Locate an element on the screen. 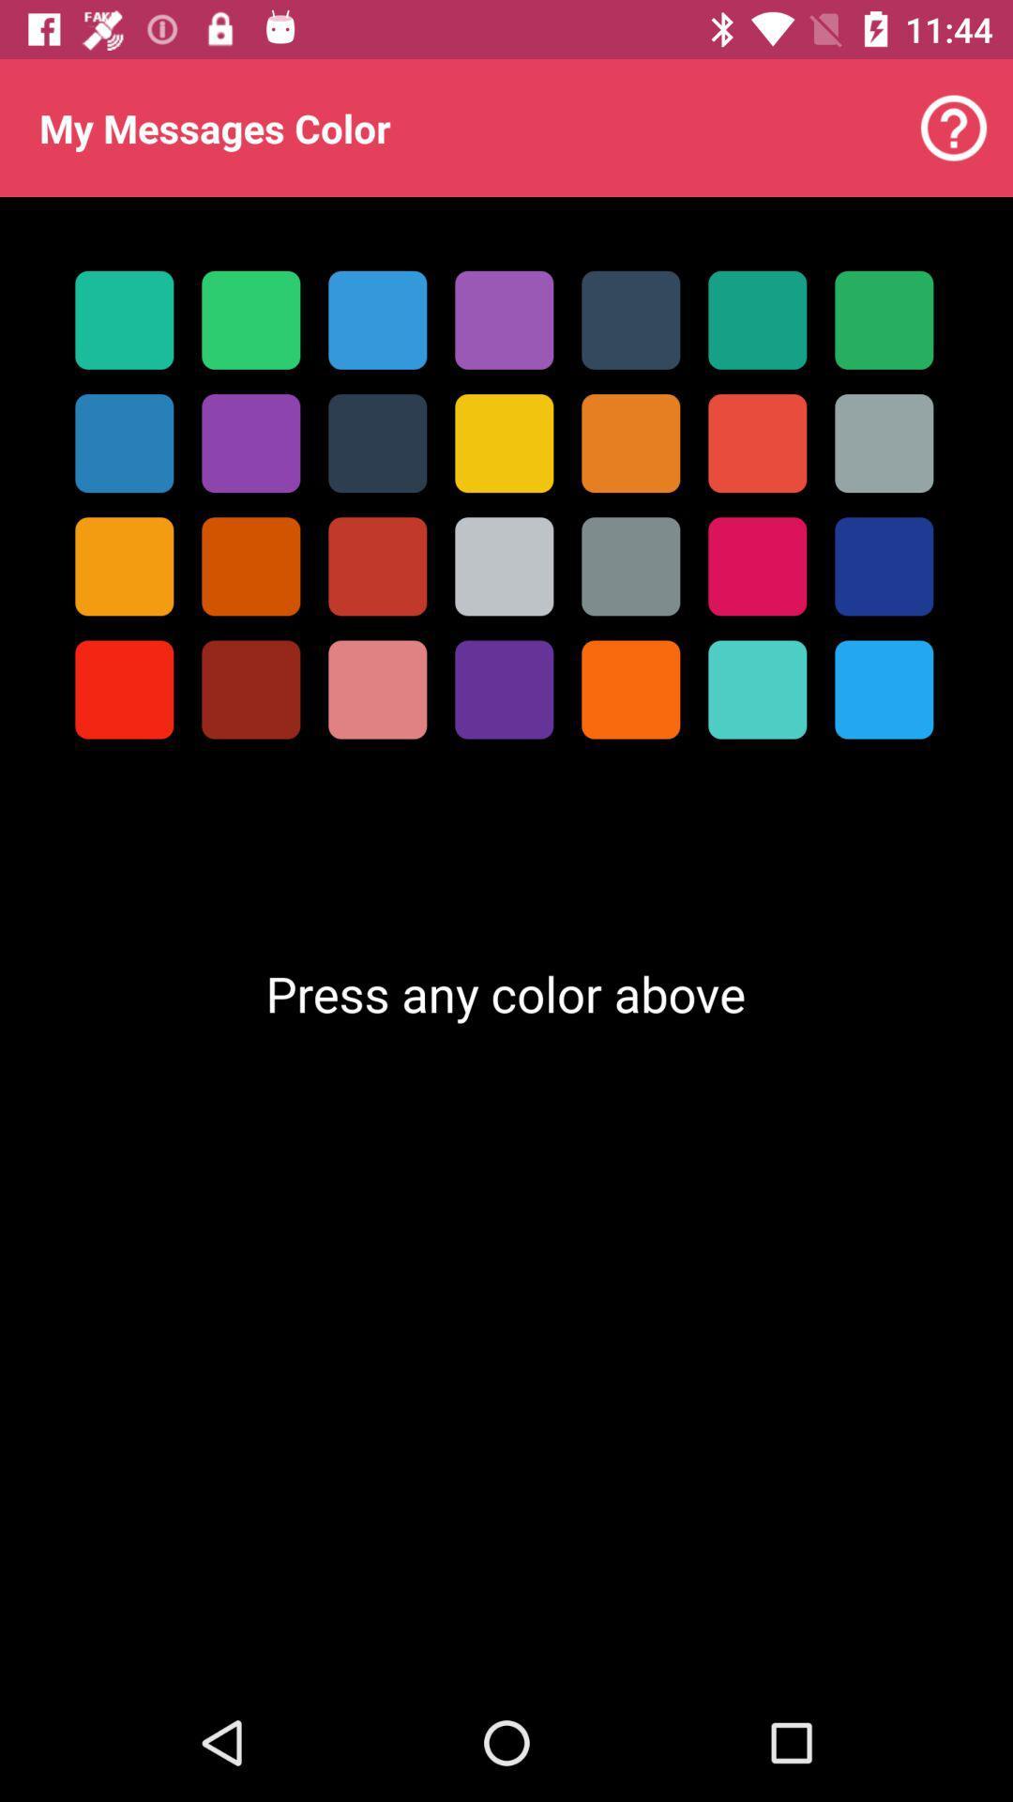  the icon next to the my messages color is located at coordinates (954, 127).